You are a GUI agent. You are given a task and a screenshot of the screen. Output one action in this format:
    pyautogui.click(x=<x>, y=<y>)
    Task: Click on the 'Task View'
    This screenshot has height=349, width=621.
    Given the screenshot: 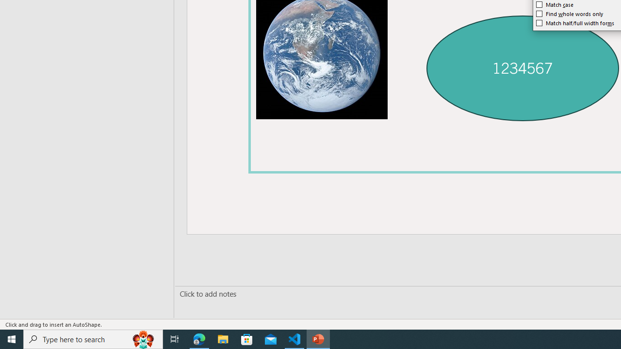 What is the action you would take?
    pyautogui.click(x=174, y=338)
    